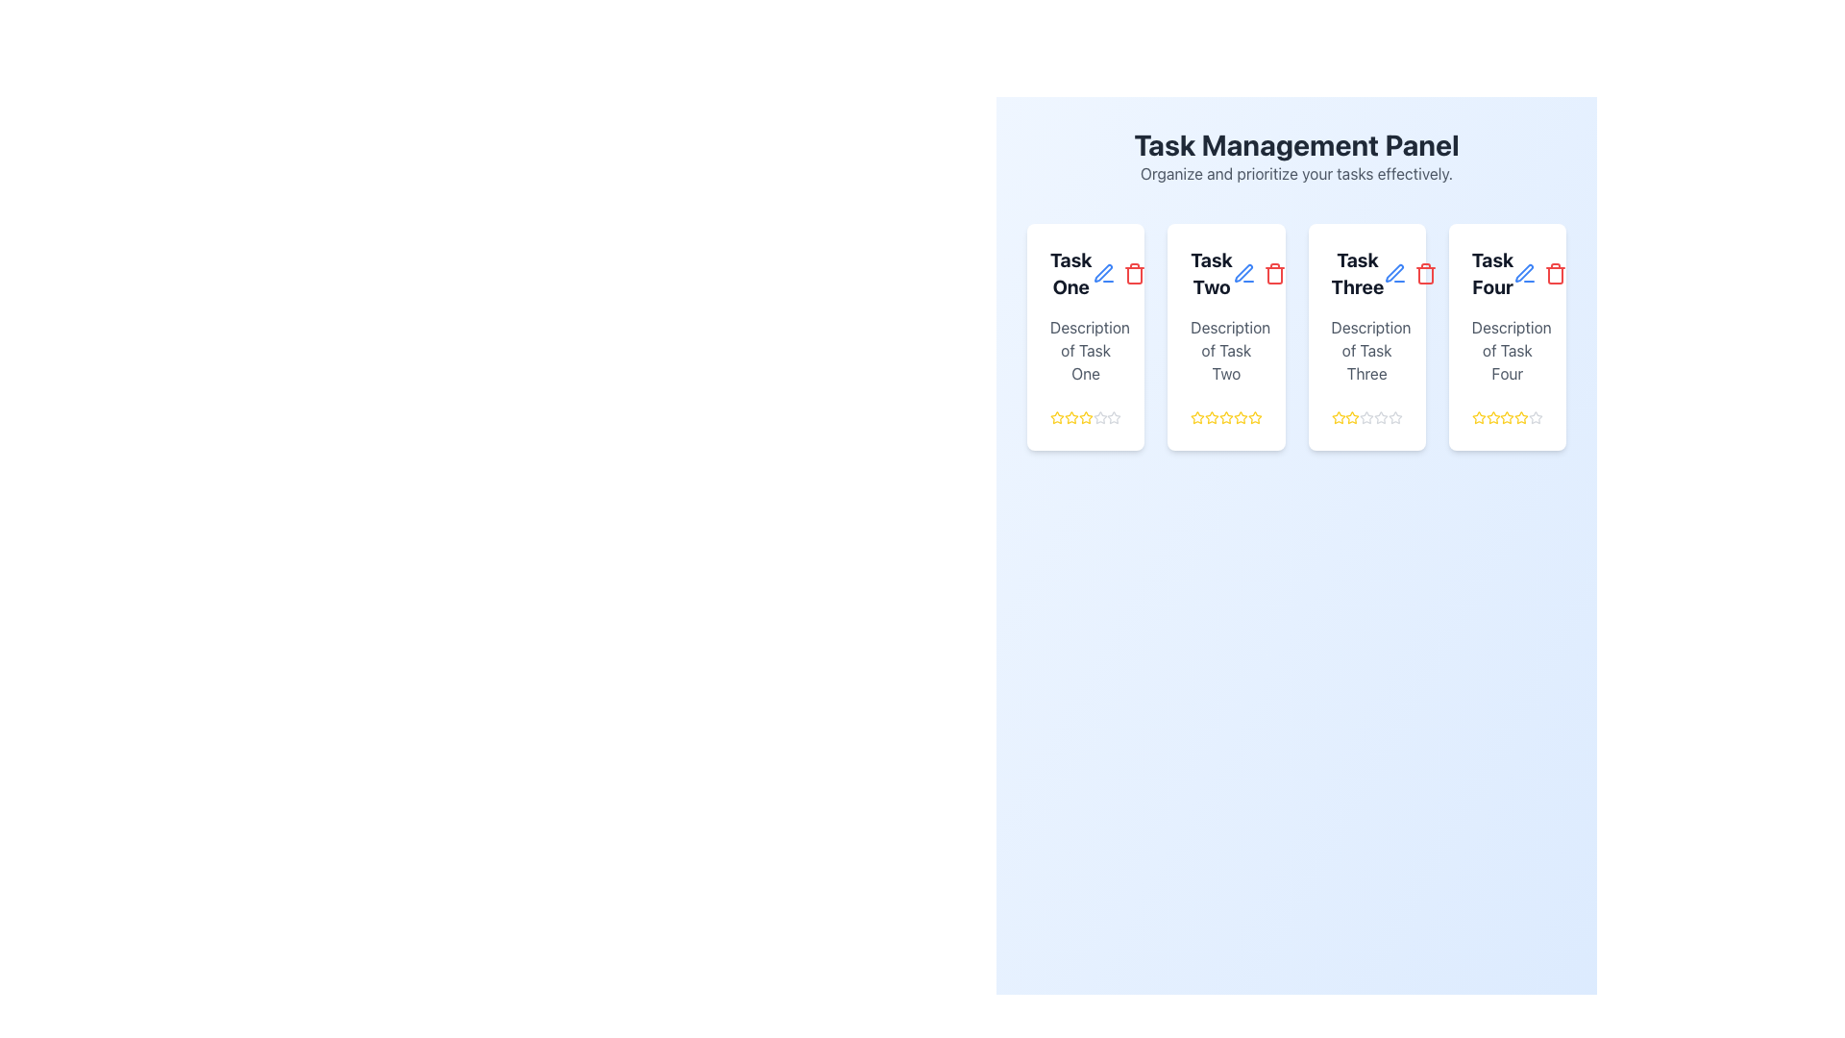  I want to click on the second star icon from the left in the 5-star rating system below the 'Task Four' card, so click(1506, 416).